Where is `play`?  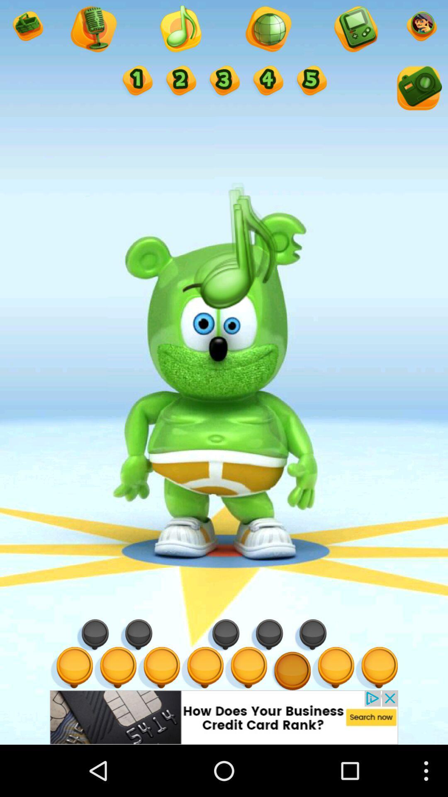
play is located at coordinates (180, 30).